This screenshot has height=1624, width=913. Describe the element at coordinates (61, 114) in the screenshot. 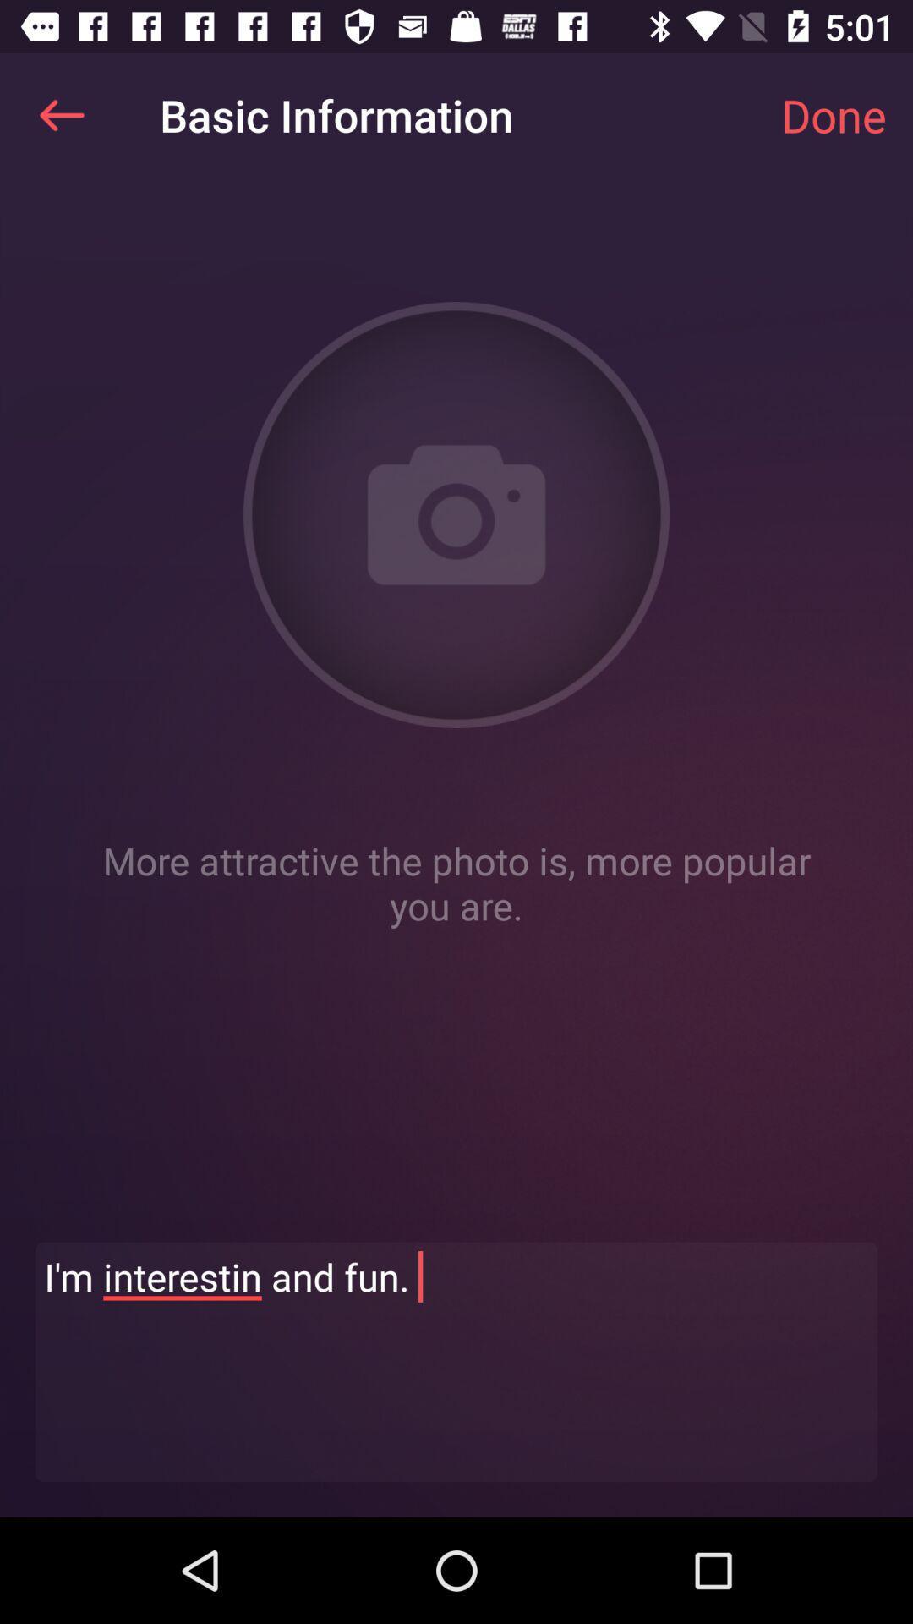

I see `the app to the left of the basic information` at that location.